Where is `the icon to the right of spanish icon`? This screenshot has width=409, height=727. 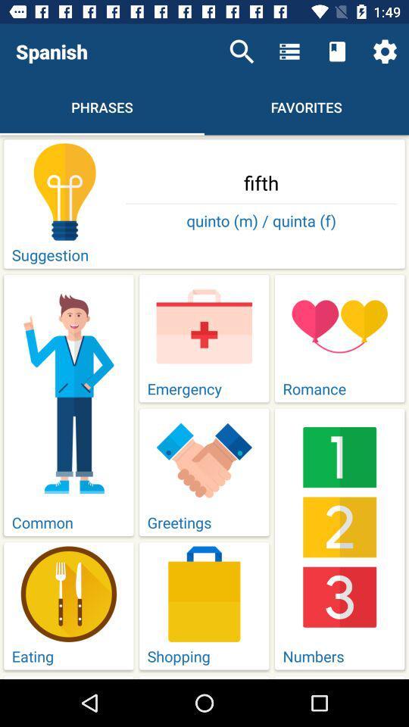
the icon to the right of spanish icon is located at coordinates (242, 51).